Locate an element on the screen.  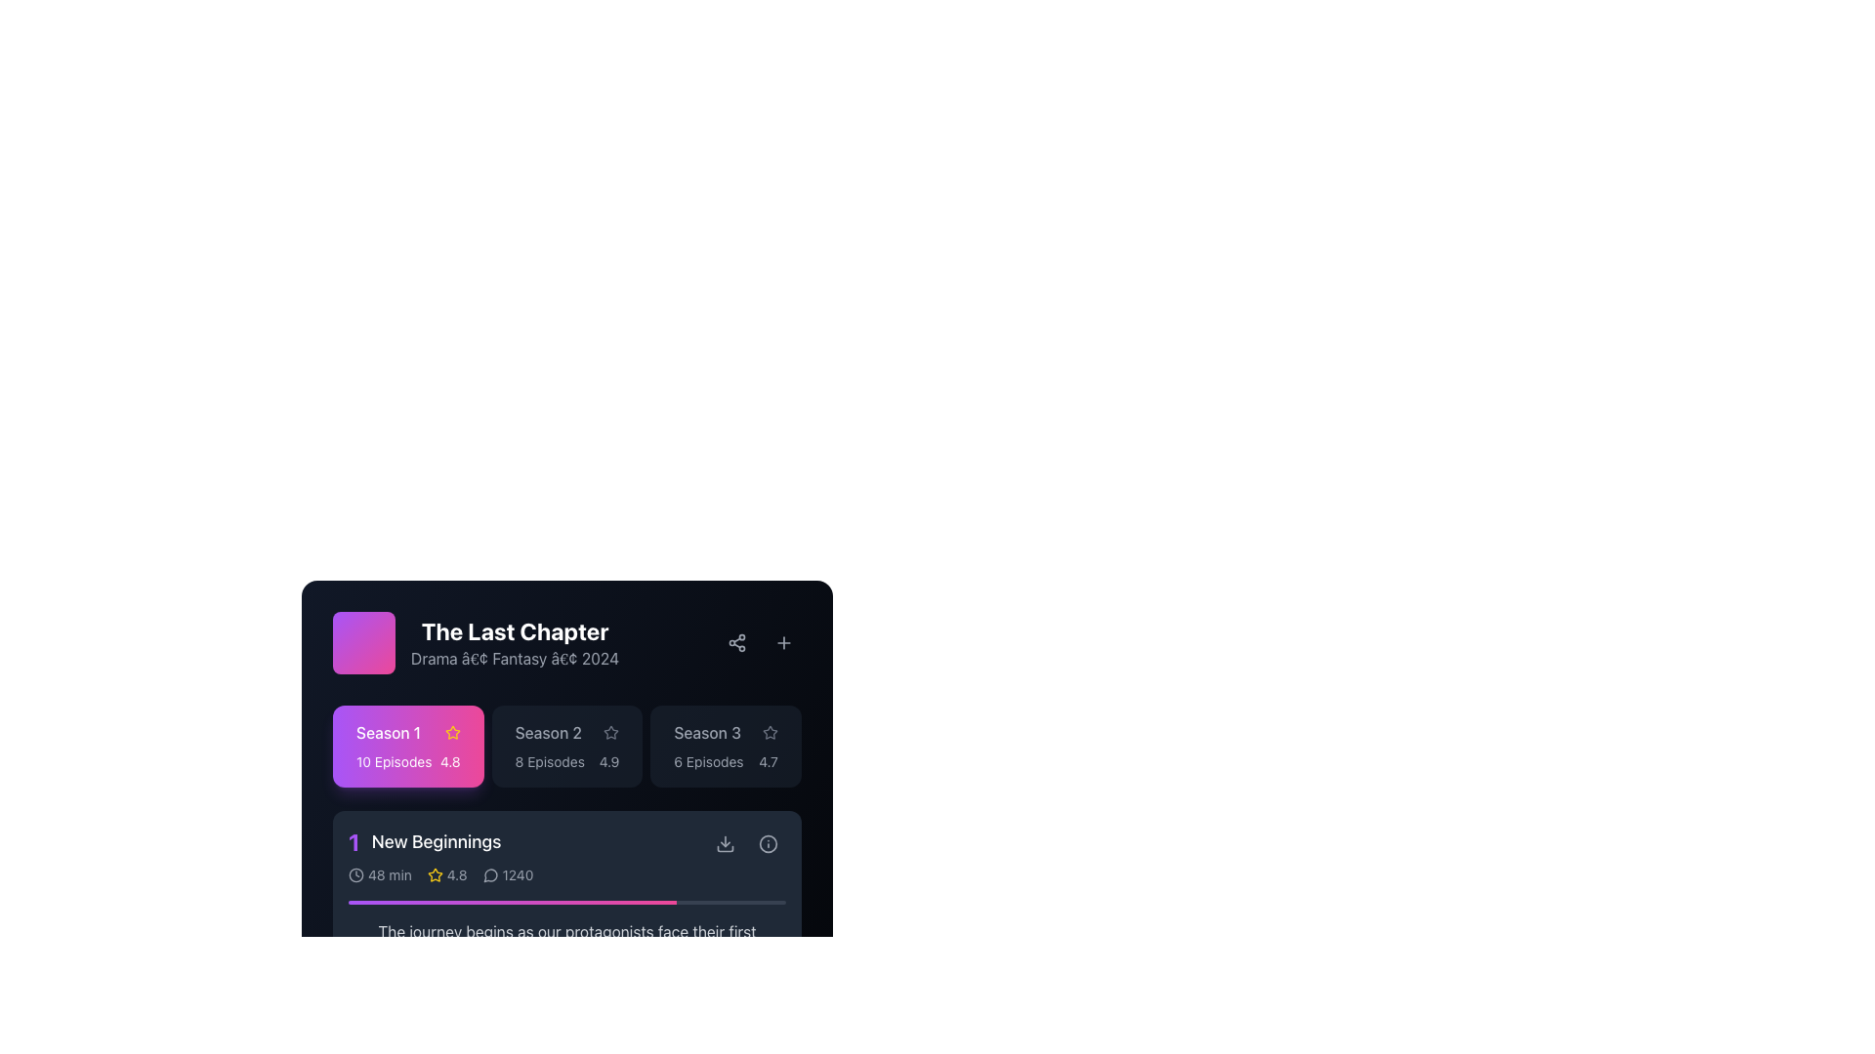
the text display element that shows season-related metadata, including '10 Episodes' and '4.8' average user rating, located below the 'Season 1' label is located at coordinates (407, 760).